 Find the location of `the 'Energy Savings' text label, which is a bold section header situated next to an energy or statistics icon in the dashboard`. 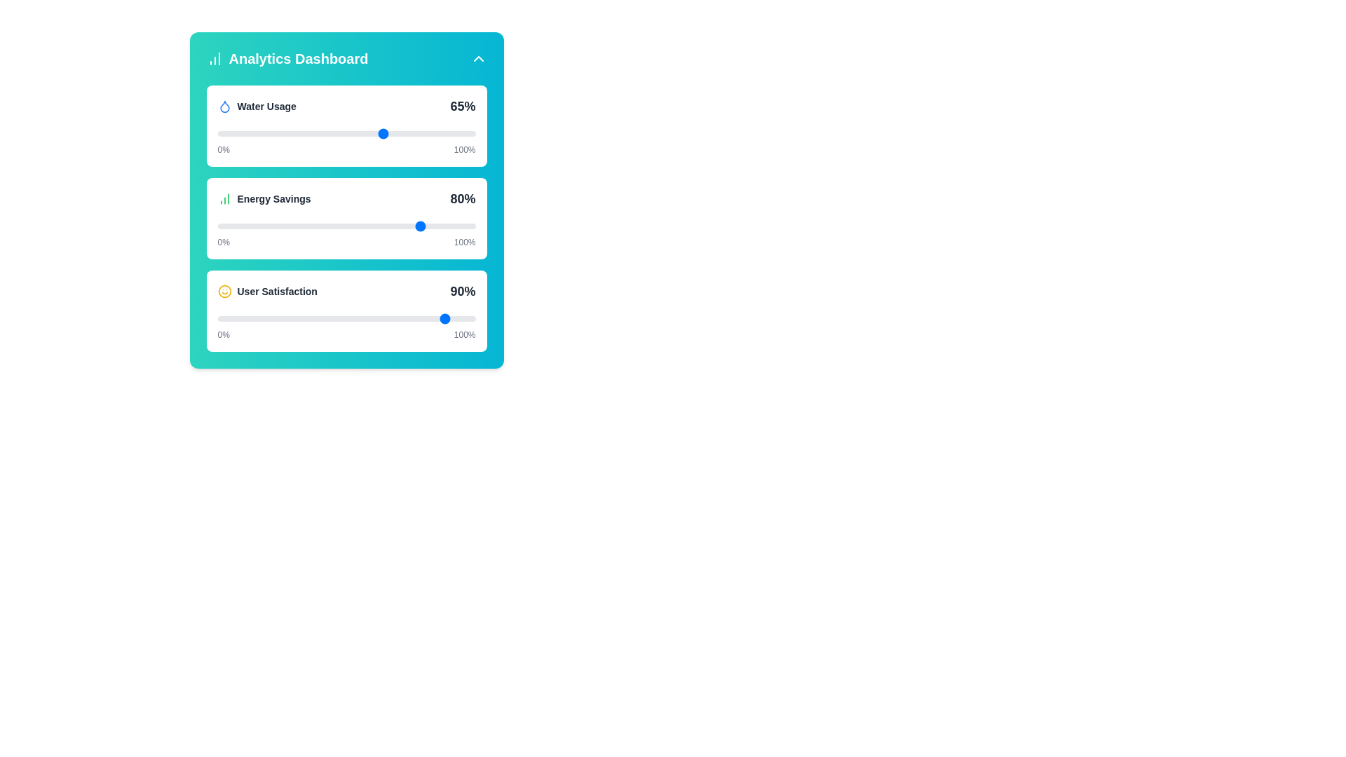

the 'Energy Savings' text label, which is a bold section header situated next to an energy or statistics icon in the dashboard is located at coordinates (274, 199).